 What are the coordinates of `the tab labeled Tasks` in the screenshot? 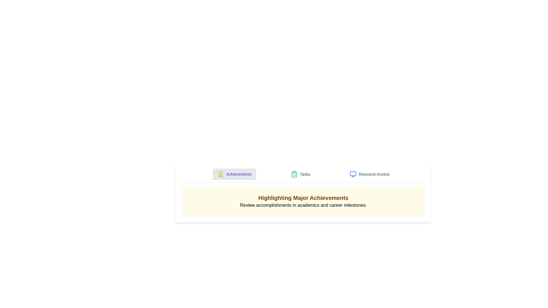 It's located at (300, 174).